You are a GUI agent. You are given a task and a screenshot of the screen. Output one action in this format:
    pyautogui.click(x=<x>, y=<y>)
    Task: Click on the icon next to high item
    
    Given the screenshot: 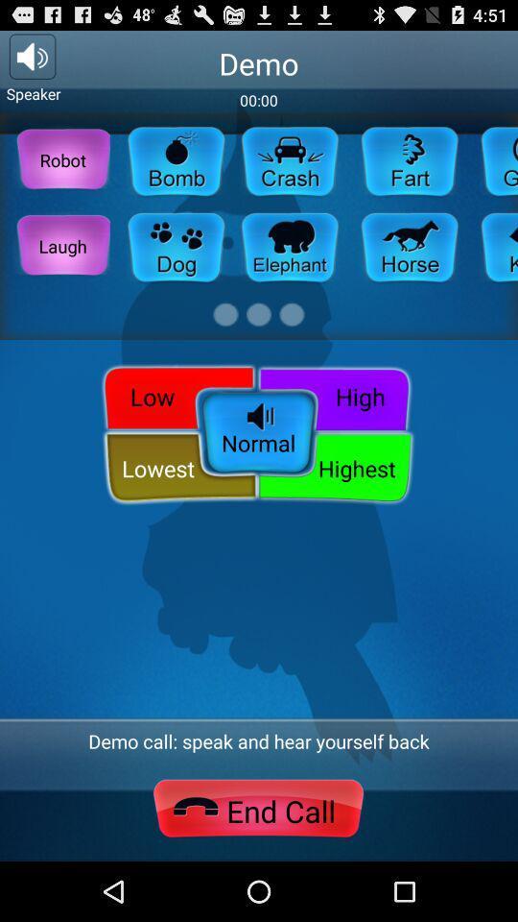 What is the action you would take?
    pyautogui.click(x=175, y=395)
    